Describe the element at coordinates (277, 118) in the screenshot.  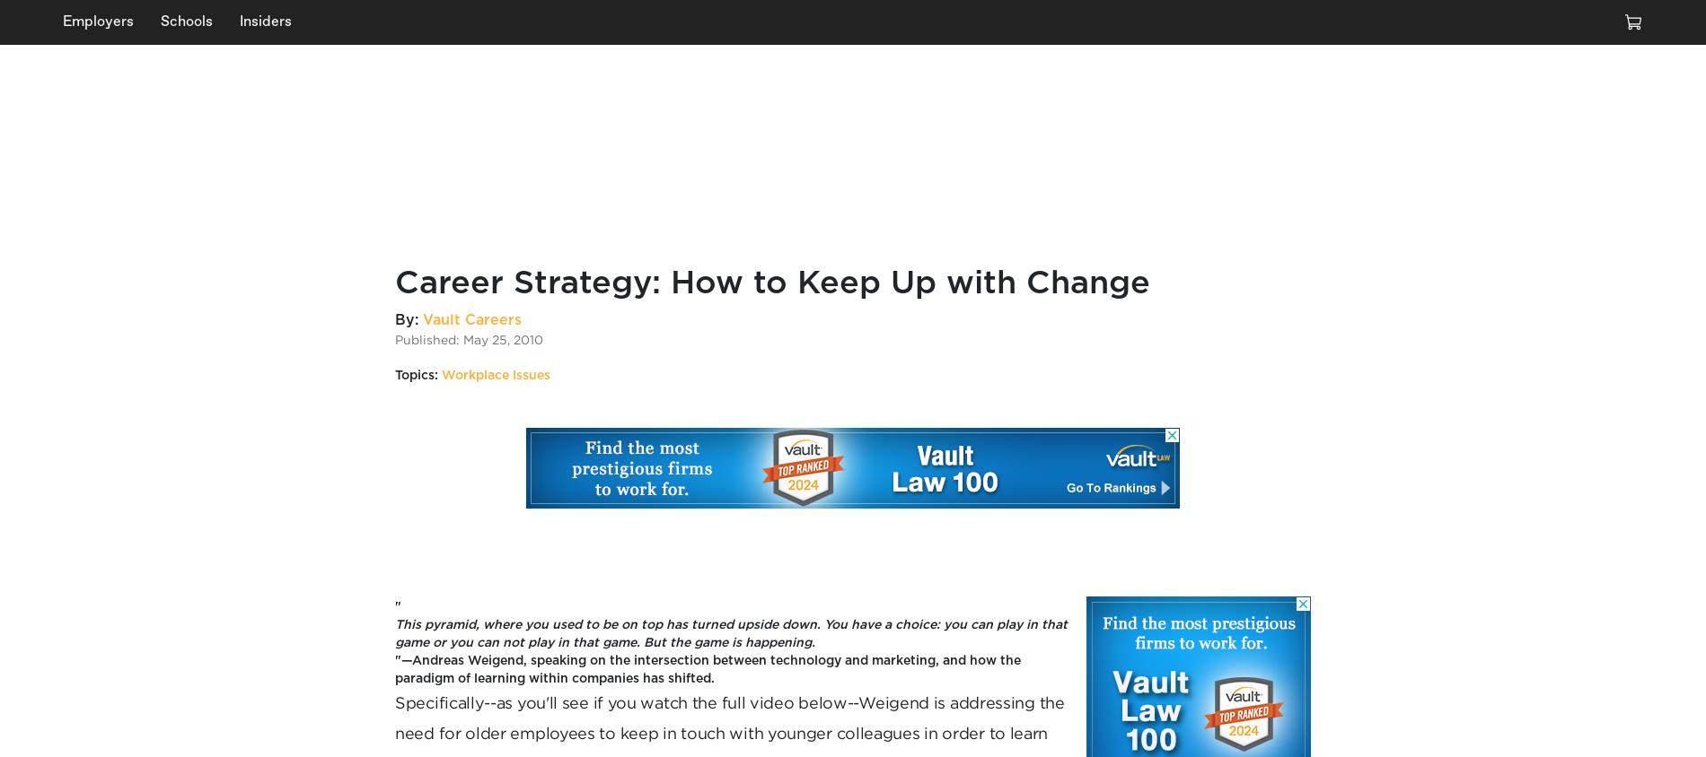
I see `'How to Use the 4 As to Overcome Workplace Stress'` at that location.